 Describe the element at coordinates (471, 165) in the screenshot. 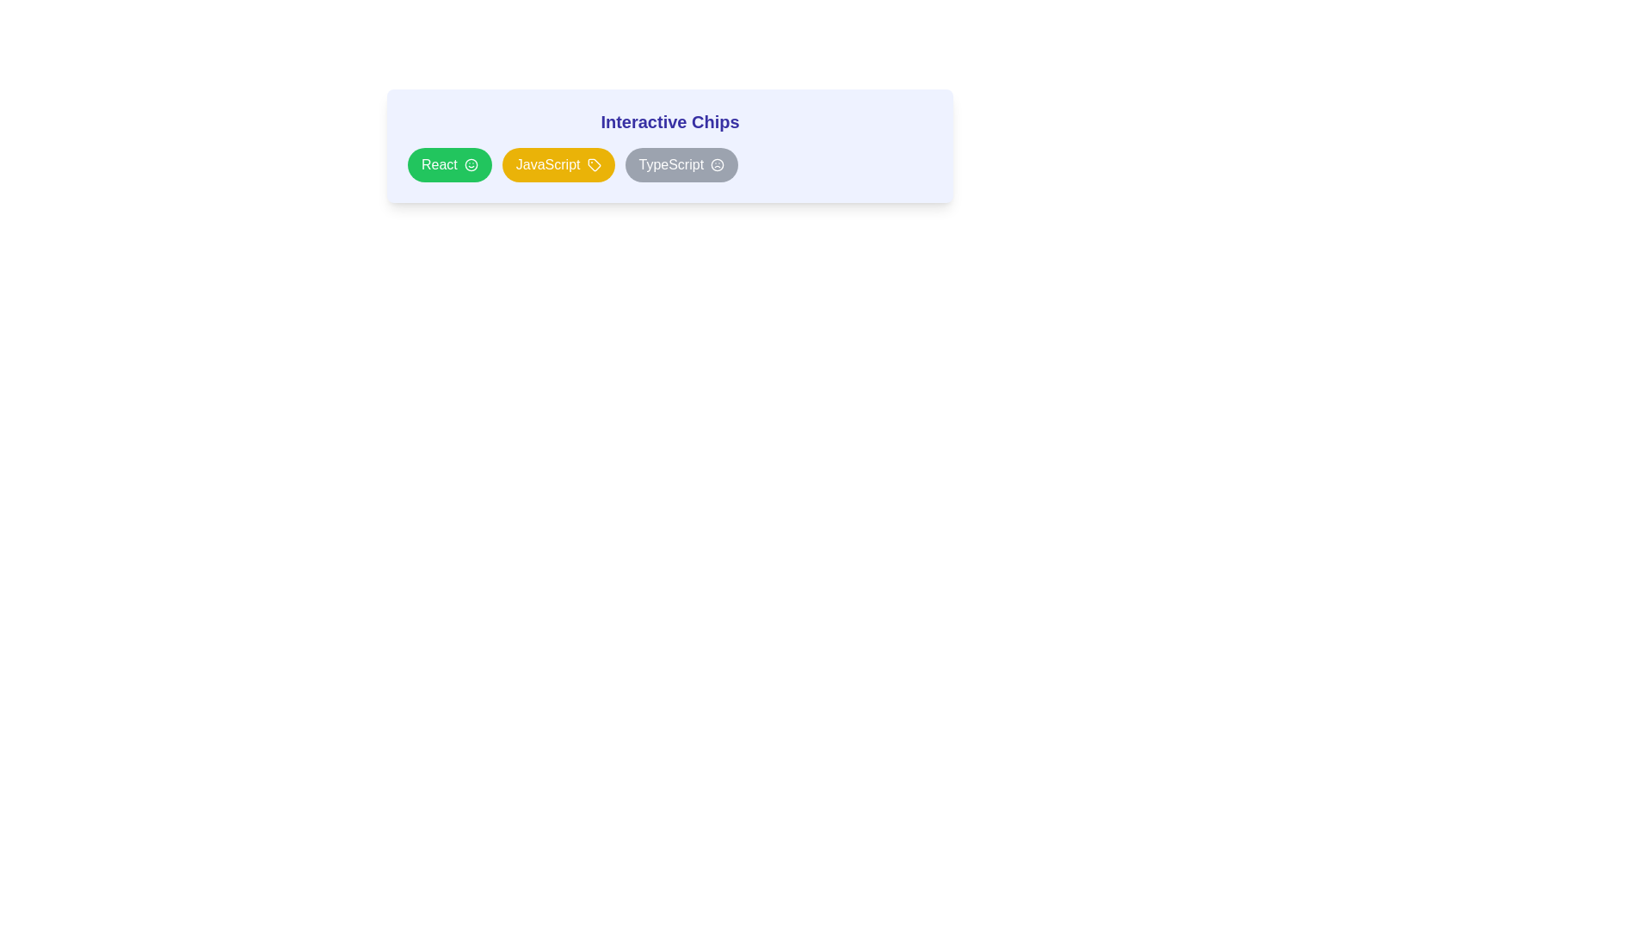

I see `the circular smiley face icon within the green 'React' button located at the left side of the button group` at that location.